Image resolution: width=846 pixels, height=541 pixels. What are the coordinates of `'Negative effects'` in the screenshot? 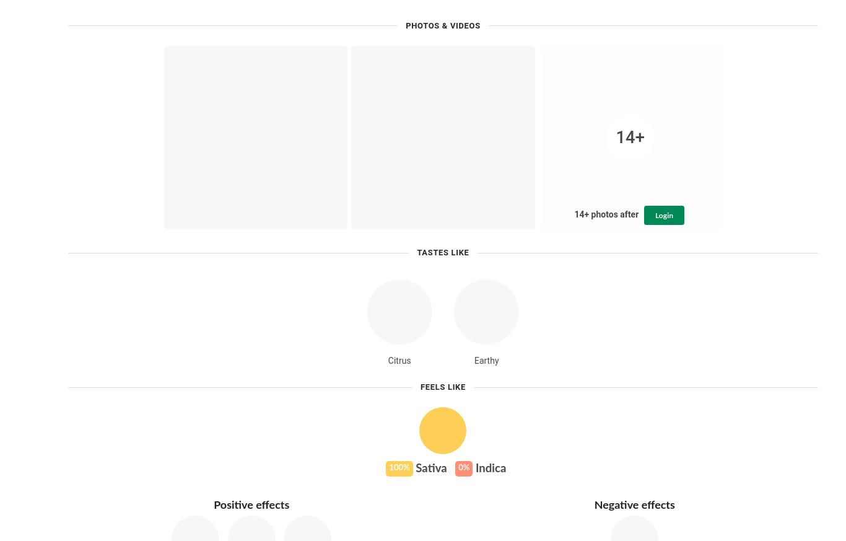 It's located at (634, 505).